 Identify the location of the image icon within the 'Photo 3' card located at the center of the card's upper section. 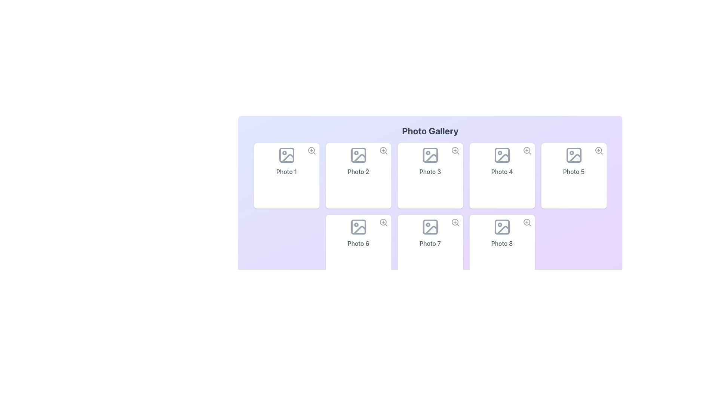
(430, 155).